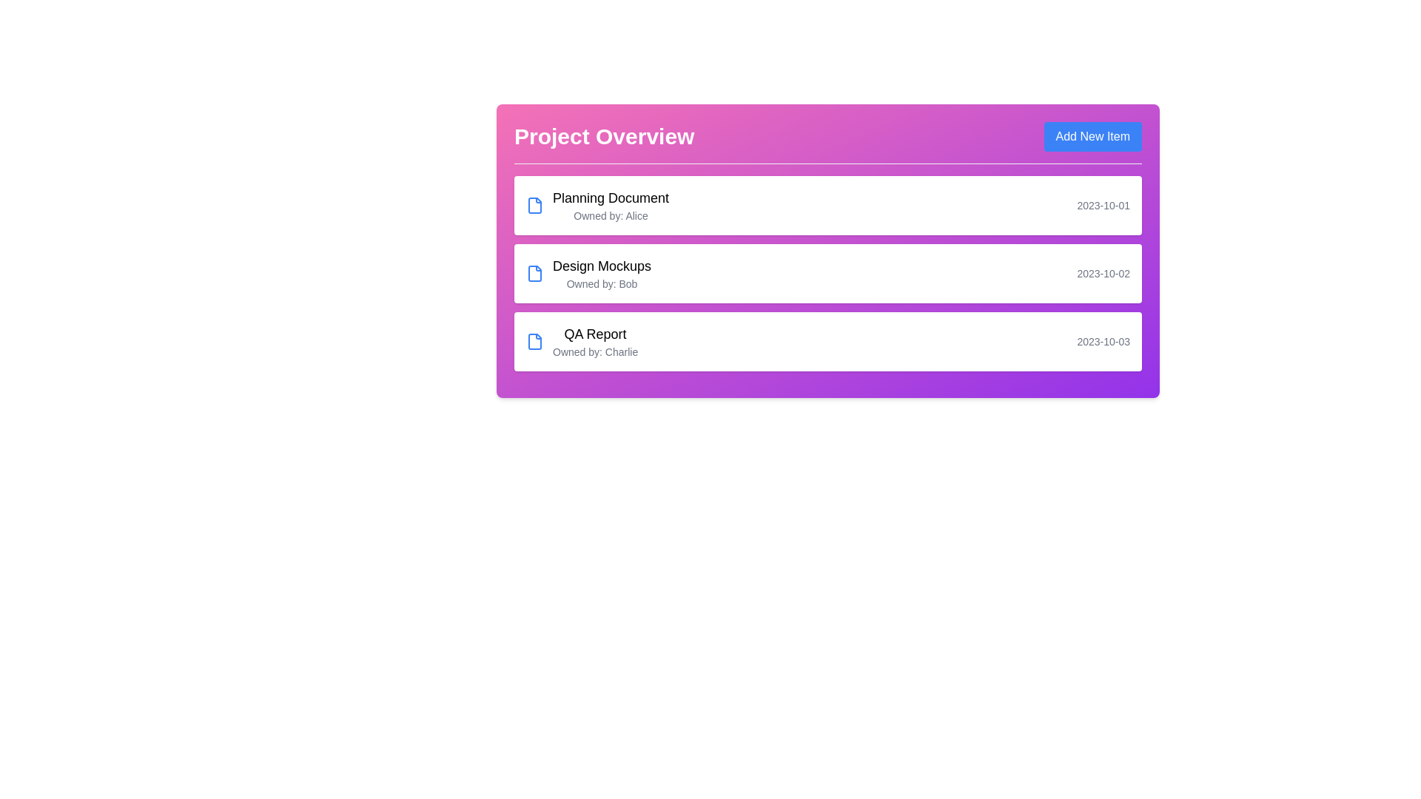 This screenshot has width=1421, height=799. What do you see at coordinates (534, 205) in the screenshot?
I see `the icon located to the left of the text label 'Planning Document Owned by: Alice' in the first row of the 'Project Overview' section` at bounding box center [534, 205].